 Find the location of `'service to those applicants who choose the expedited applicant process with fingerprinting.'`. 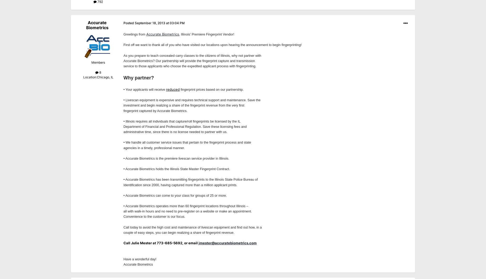

'service to those applicants who choose the expedited applicant process with fingerprinting.' is located at coordinates (123, 66).